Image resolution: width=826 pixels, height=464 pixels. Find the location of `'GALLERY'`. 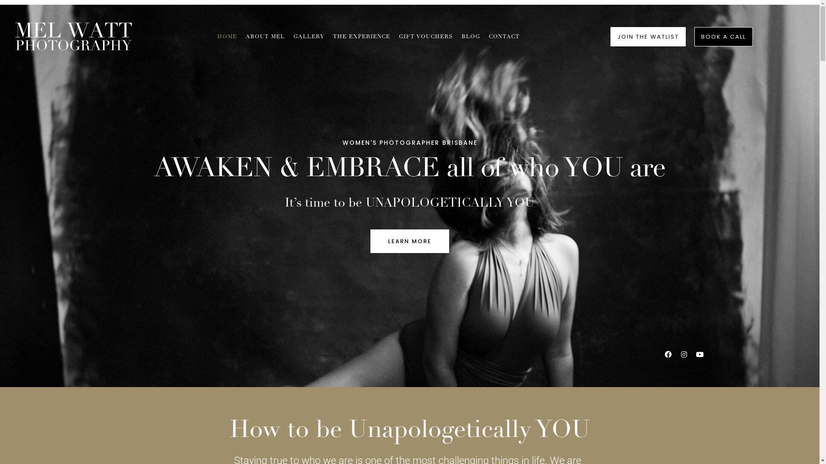

'GALLERY' is located at coordinates (309, 36).